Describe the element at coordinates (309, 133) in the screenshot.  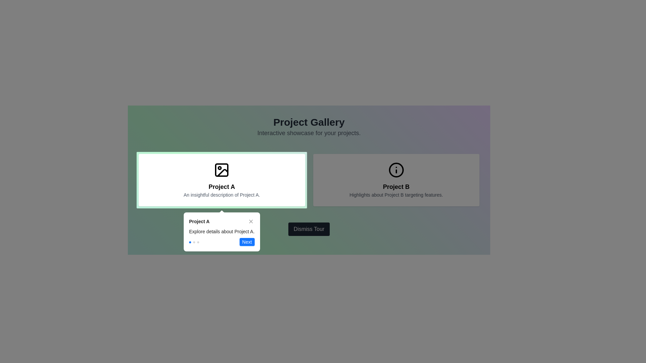
I see `static text element located directly below the 'Project Gallery' header, which serves as a subtitle providing additional context about the page's purpose` at that location.